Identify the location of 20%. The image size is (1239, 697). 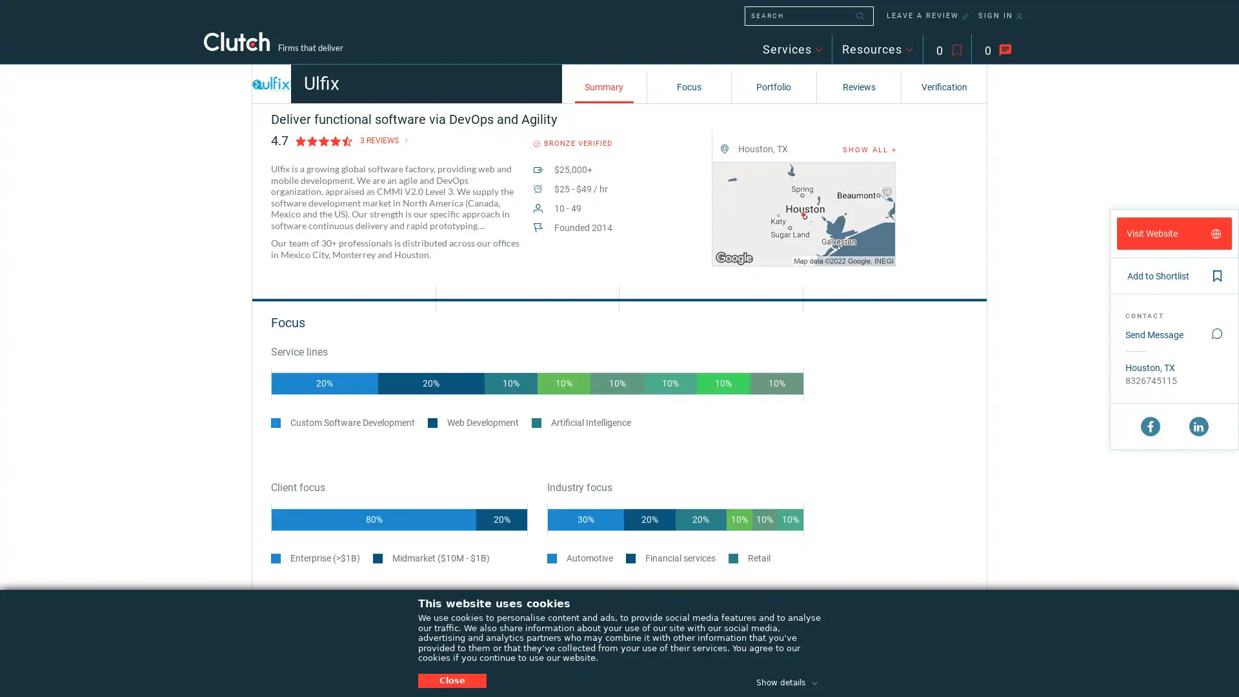
(700, 518).